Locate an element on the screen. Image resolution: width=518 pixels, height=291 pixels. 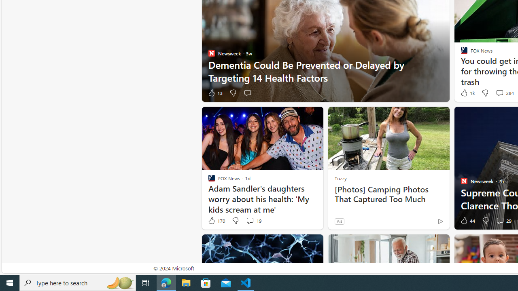
'170 Like' is located at coordinates (216, 221).